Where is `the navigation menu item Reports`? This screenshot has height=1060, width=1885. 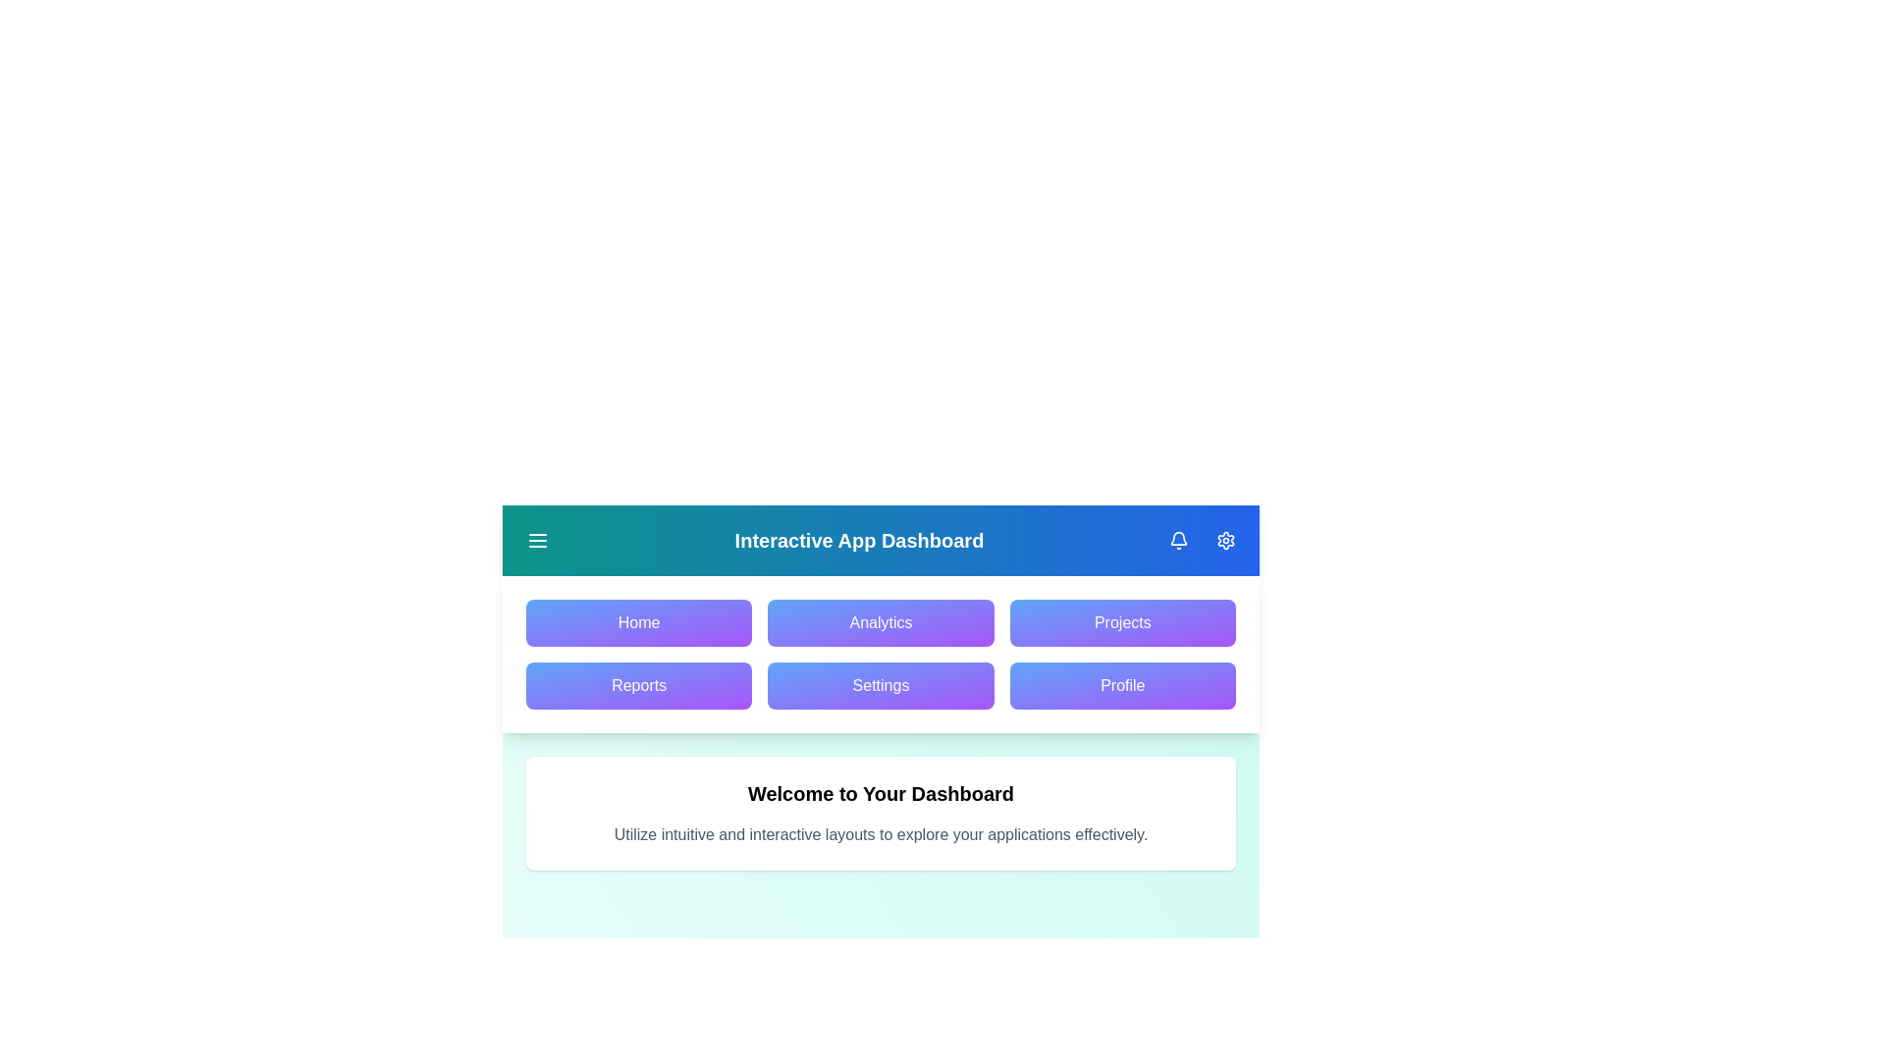
the navigation menu item Reports is located at coordinates (639, 684).